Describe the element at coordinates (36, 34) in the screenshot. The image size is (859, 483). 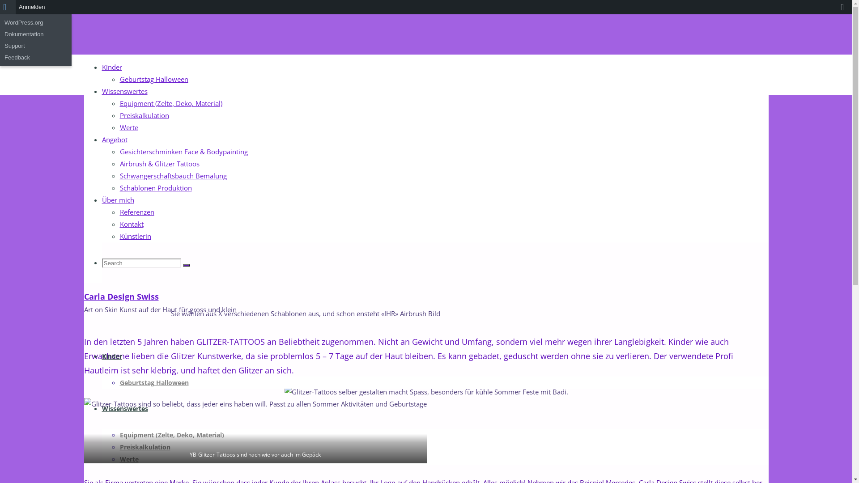
I see `'Dokumentation'` at that location.